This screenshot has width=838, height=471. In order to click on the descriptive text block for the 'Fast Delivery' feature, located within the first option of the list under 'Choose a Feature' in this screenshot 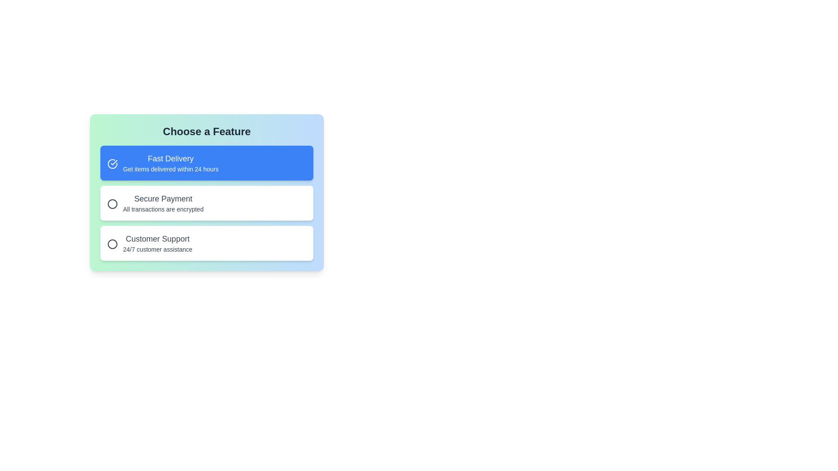, I will do `click(171, 163)`.